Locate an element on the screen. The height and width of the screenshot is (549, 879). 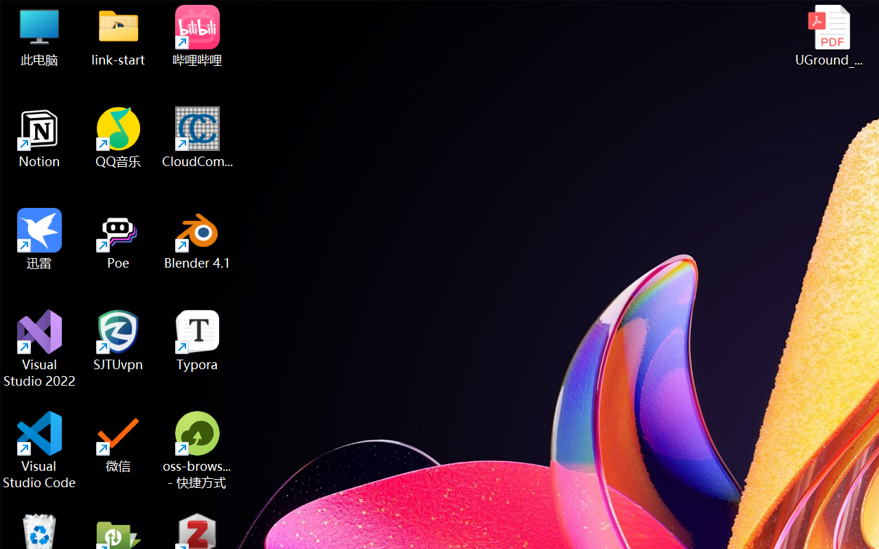
'UGround_paper.pdf' is located at coordinates (828, 35).